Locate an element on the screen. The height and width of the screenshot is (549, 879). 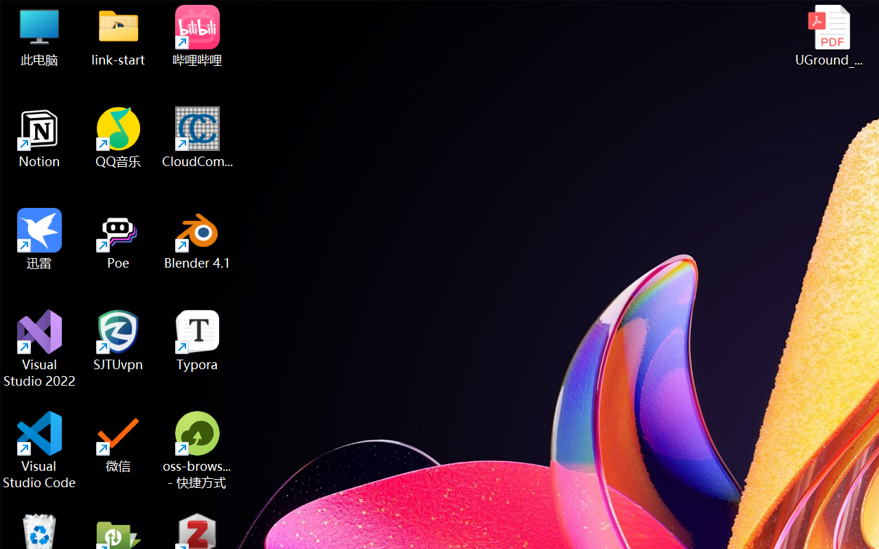
'UGround_paper.pdf' is located at coordinates (828, 35).